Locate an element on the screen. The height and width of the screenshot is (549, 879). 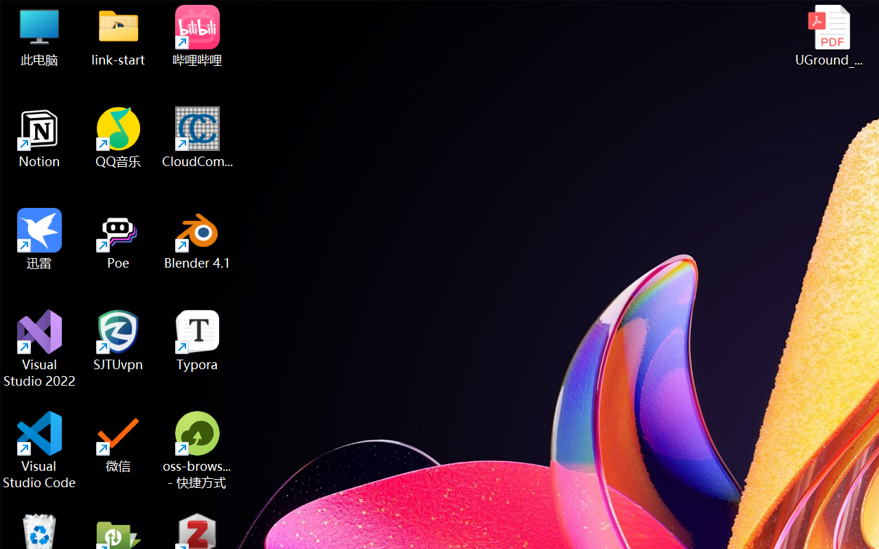
'UGround_paper.pdf' is located at coordinates (828, 35).